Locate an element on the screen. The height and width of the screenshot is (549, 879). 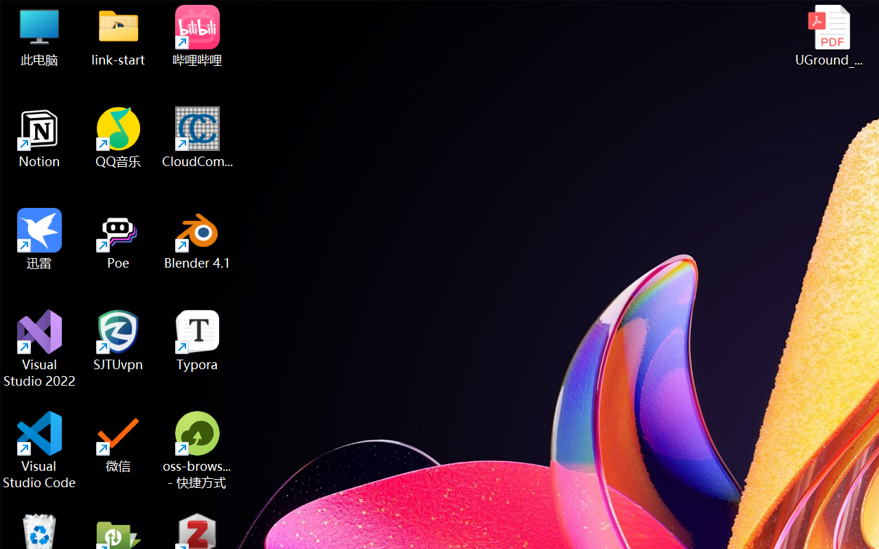
'UGround_paper.pdf' is located at coordinates (828, 35).